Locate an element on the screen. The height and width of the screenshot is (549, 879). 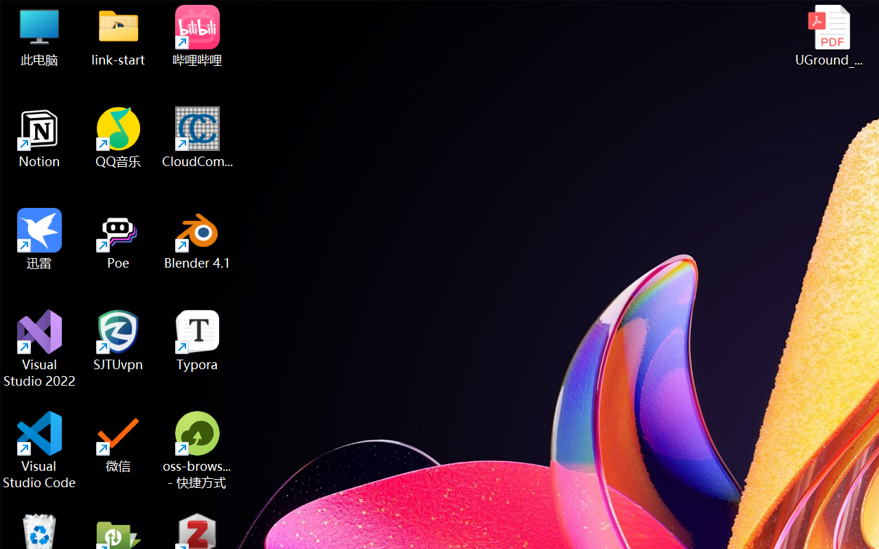
'UGround_paper.pdf' is located at coordinates (828, 35).